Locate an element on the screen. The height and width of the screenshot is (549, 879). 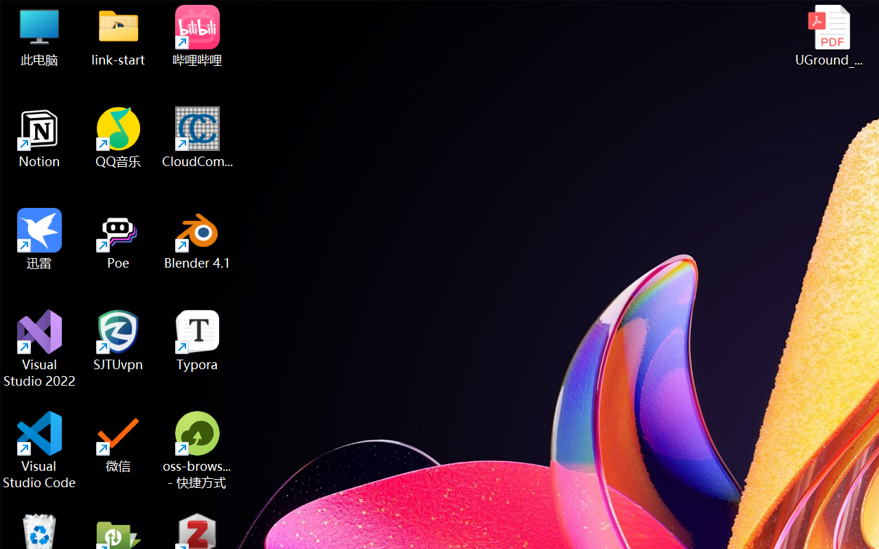
'UGround_paper.pdf' is located at coordinates (828, 35).